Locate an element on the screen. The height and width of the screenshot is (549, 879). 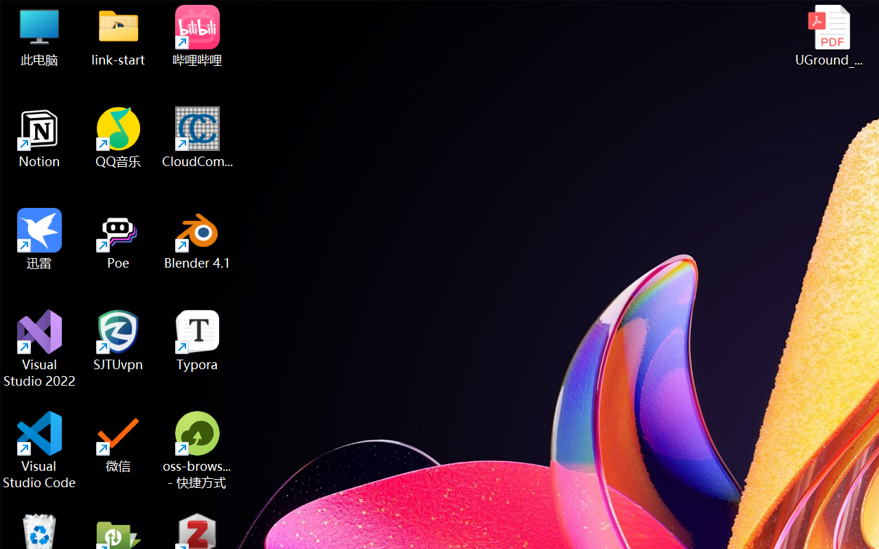
'UGround_paper.pdf' is located at coordinates (828, 35).